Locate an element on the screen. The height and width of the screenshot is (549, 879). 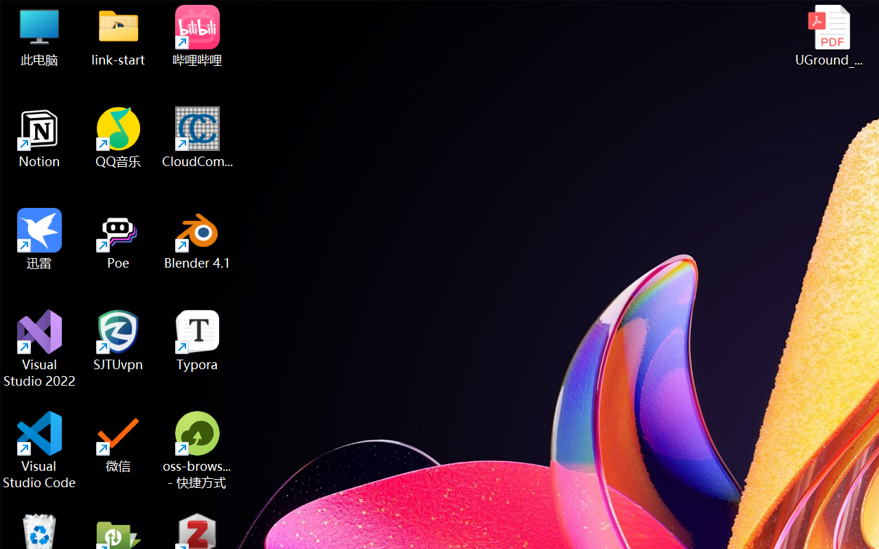
'UGround_paper.pdf' is located at coordinates (828, 35).